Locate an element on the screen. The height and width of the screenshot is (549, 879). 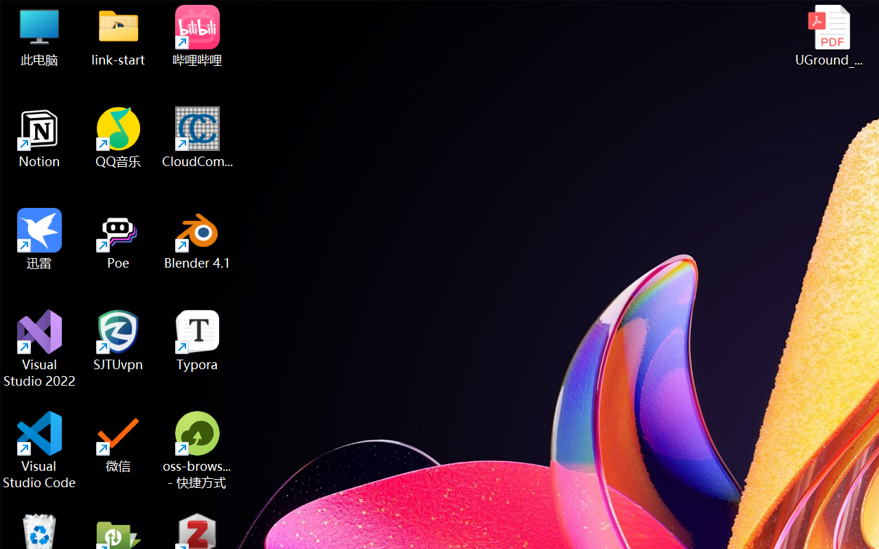
'UGround_paper.pdf' is located at coordinates (828, 35).